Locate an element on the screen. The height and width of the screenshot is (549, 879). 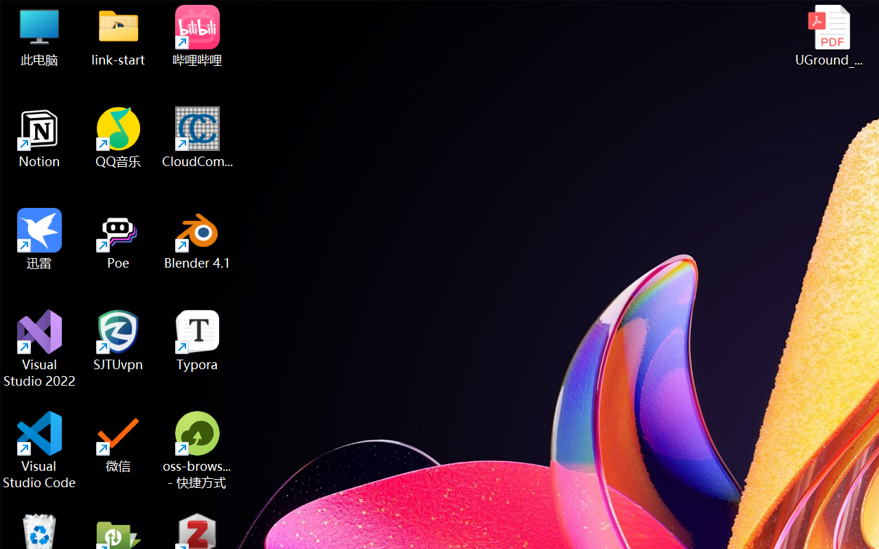
'UGround_paper.pdf' is located at coordinates (828, 35).